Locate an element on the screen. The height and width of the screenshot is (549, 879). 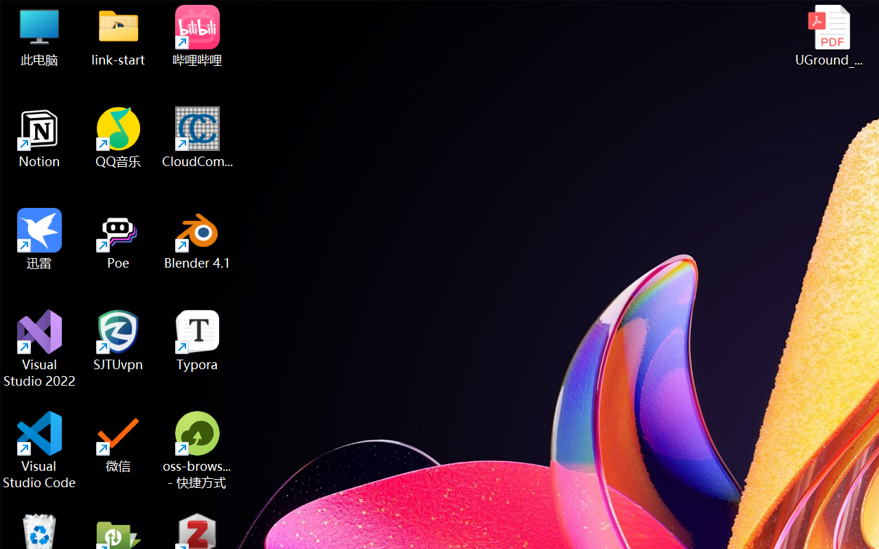
'UGround_paper.pdf' is located at coordinates (828, 35).